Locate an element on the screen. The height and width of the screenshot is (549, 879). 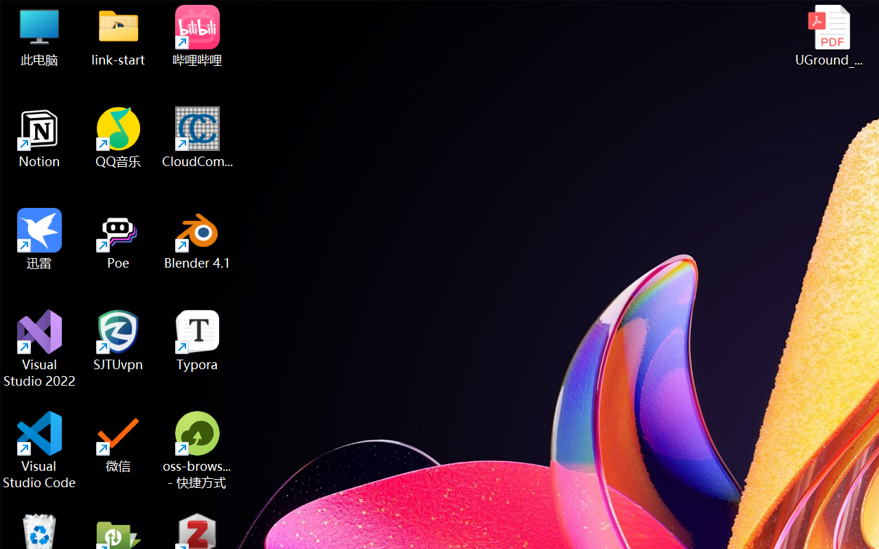
'UGround_paper.pdf' is located at coordinates (828, 35).